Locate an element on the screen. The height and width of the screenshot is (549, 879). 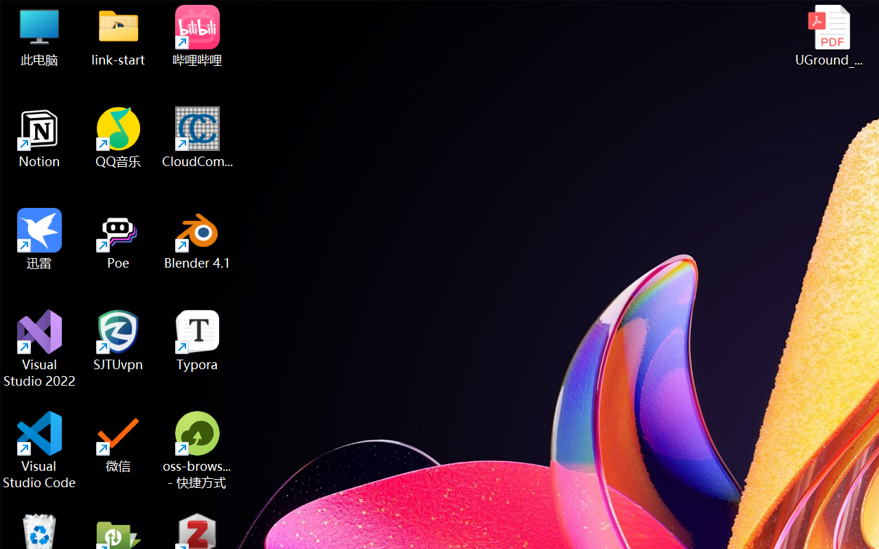
'UGround_paper.pdf' is located at coordinates (828, 35).